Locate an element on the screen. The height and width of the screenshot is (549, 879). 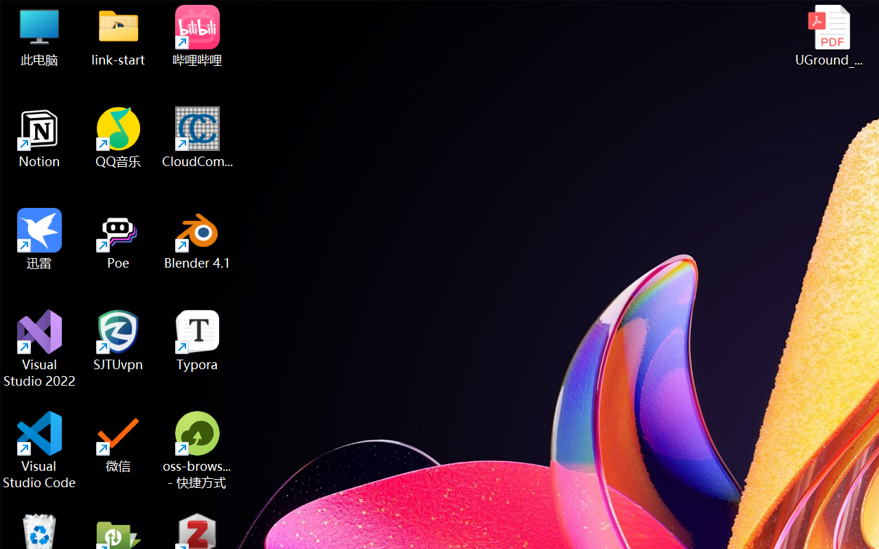
'UGround_paper.pdf' is located at coordinates (828, 35).